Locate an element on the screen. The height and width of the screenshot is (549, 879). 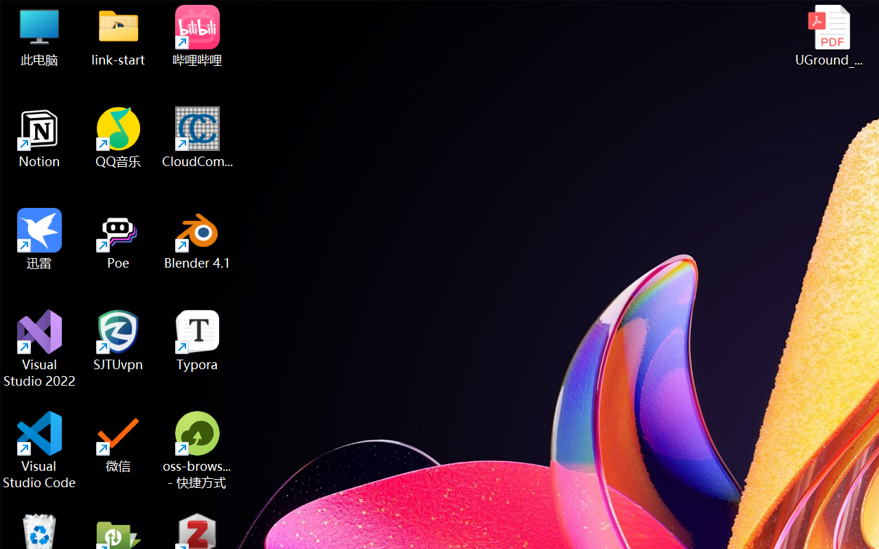
'UGround_paper.pdf' is located at coordinates (828, 35).